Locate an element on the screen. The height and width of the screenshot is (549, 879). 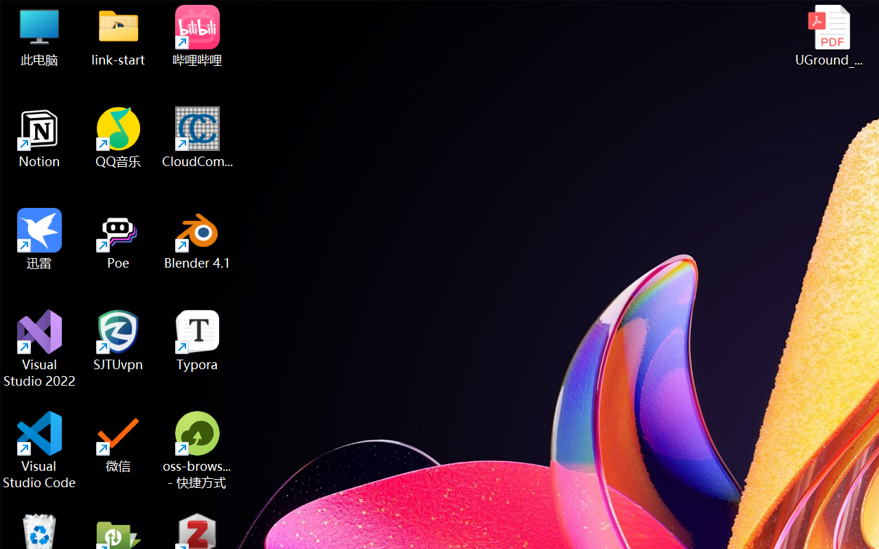
'UGround_paper.pdf' is located at coordinates (828, 35).